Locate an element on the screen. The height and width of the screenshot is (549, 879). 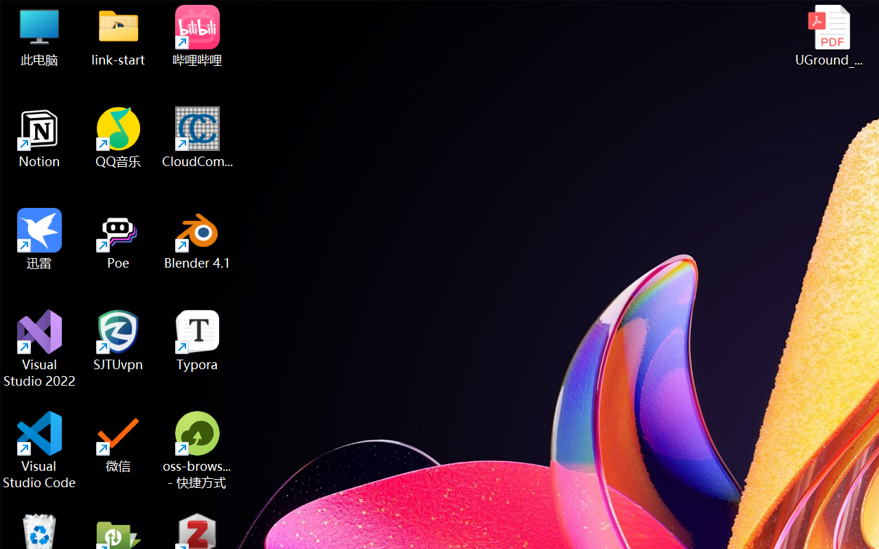
'UGround_paper.pdf' is located at coordinates (828, 35).